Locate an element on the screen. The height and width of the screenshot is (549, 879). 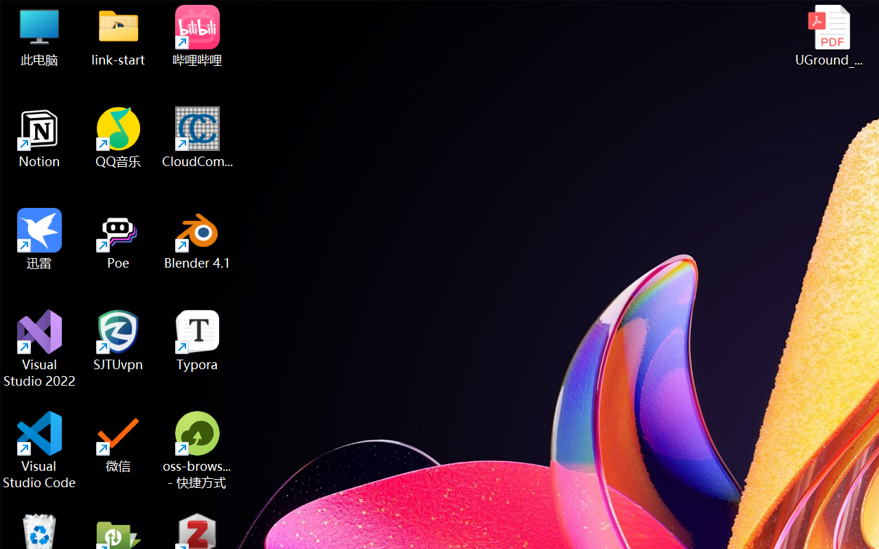
'UGround_paper.pdf' is located at coordinates (828, 35).